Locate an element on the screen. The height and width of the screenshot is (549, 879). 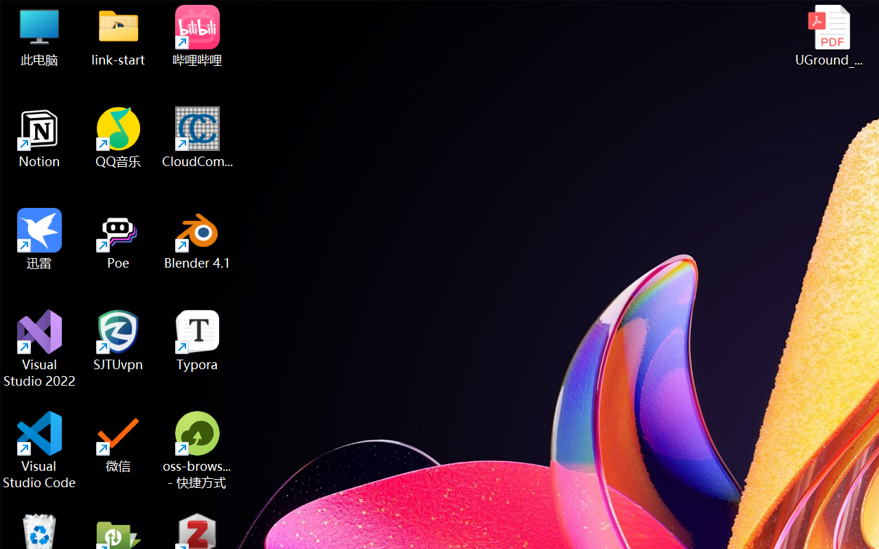
'UGround_paper.pdf' is located at coordinates (828, 35).